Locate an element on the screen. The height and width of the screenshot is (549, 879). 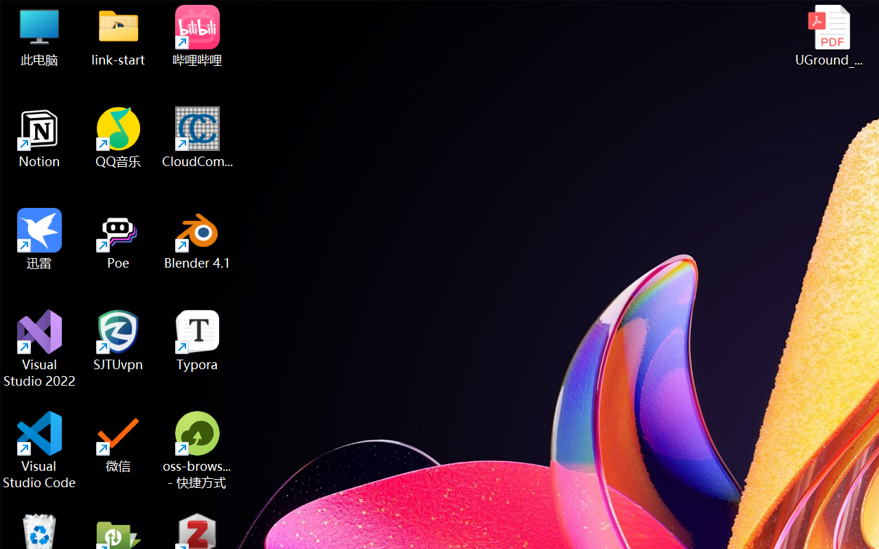
'UGround_paper.pdf' is located at coordinates (828, 35).